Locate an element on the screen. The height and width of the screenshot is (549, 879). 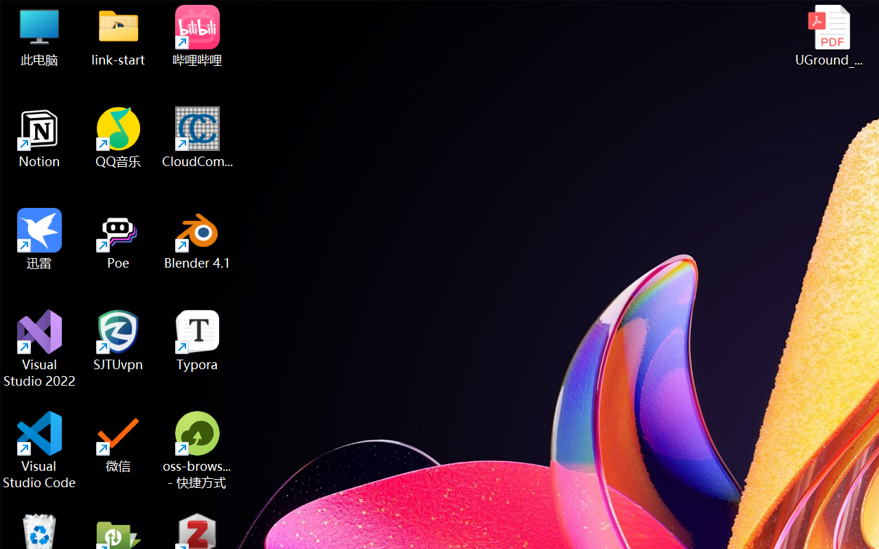
'UGround_paper.pdf' is located at coordinates (828, 35).